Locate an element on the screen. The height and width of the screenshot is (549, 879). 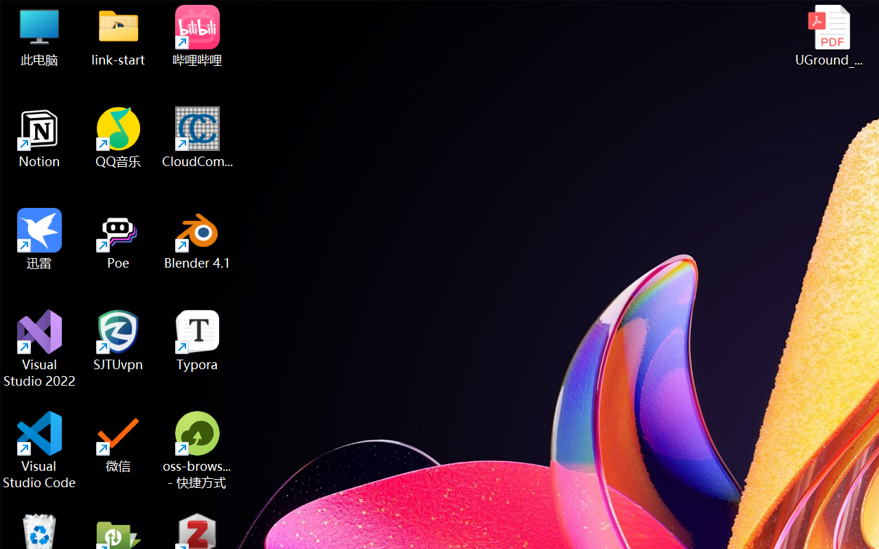
'UGround_paper.pdf' is located at coordinates (828, 35).